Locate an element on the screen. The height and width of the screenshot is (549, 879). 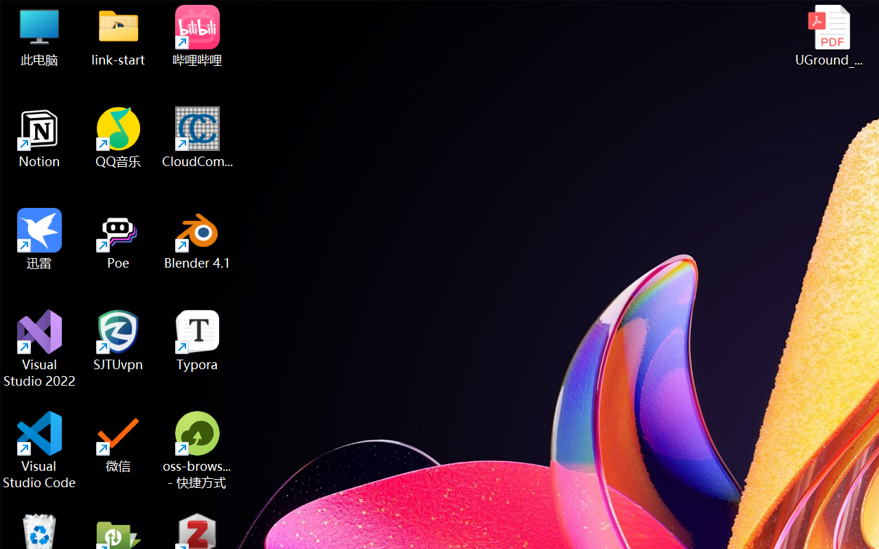
'UGround_paper.pdf' is located at coordinates (828, 35).